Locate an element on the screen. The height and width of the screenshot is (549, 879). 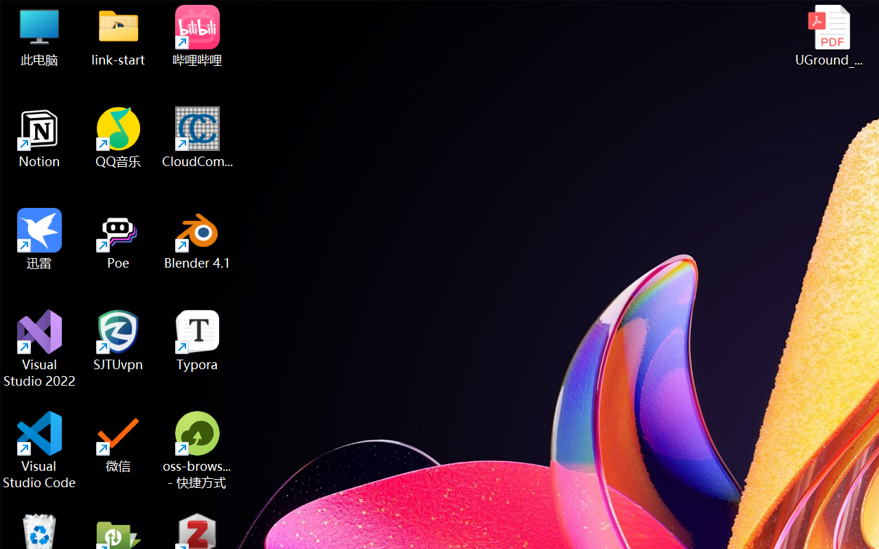
'UGround_paper.pdf' is located at coordinates (828, 35).